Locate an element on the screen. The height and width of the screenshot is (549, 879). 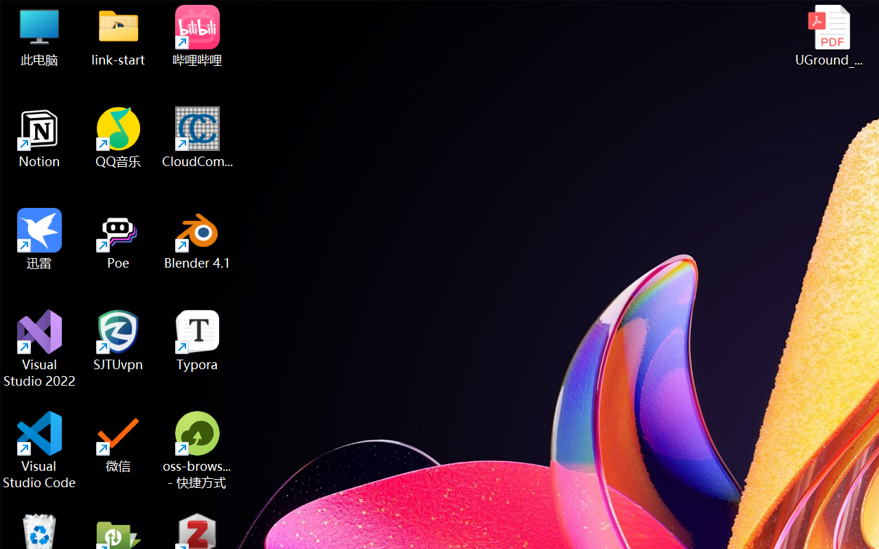
'UGround_paper.pdf' is located at coordinates (828, 35).